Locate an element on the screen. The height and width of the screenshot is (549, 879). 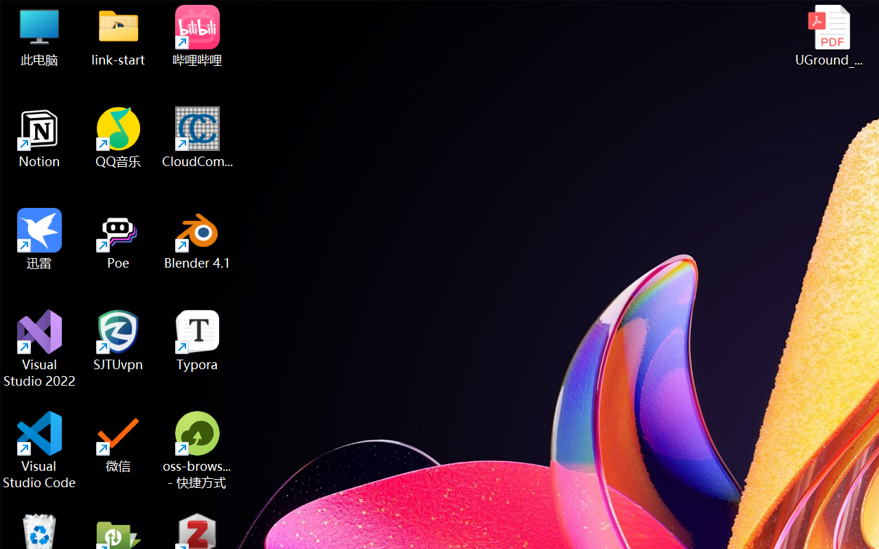
'UGround_paper.pdf' is located at coordinates (828, 35).